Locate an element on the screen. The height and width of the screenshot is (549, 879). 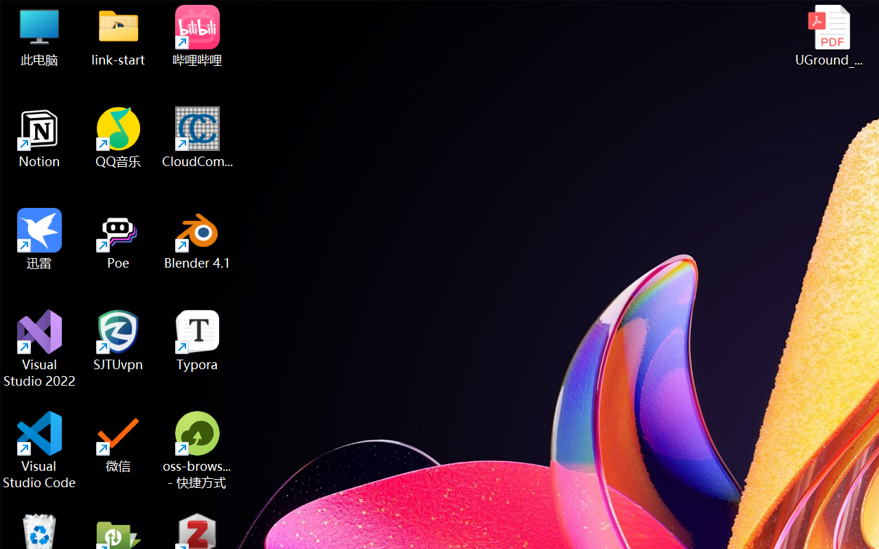
'UGround_paper.pdf' is located at coordinates (828, 35).